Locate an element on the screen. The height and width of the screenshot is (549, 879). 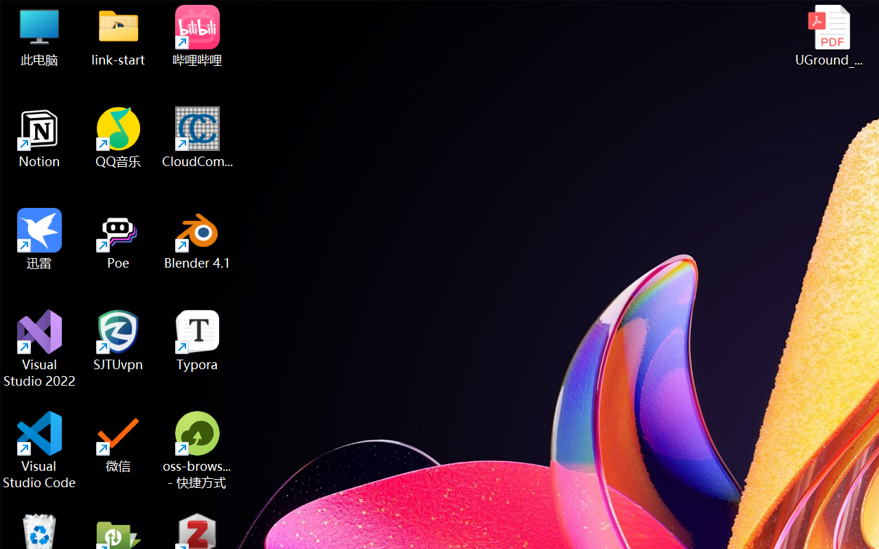
'UGround_paper.pdf' is located at coordinates (828, 35).